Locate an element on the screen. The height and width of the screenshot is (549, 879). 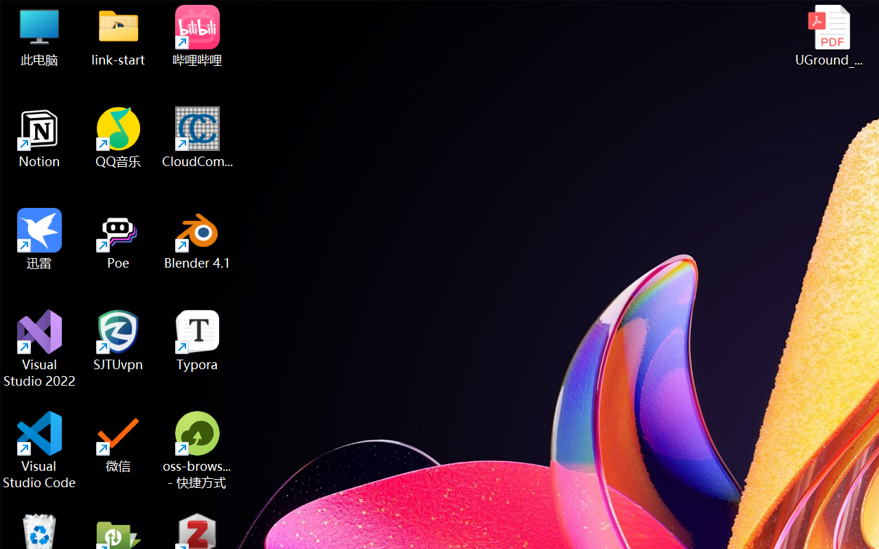
'UGround_paper.pdf' is located at coordinates (828, 35).